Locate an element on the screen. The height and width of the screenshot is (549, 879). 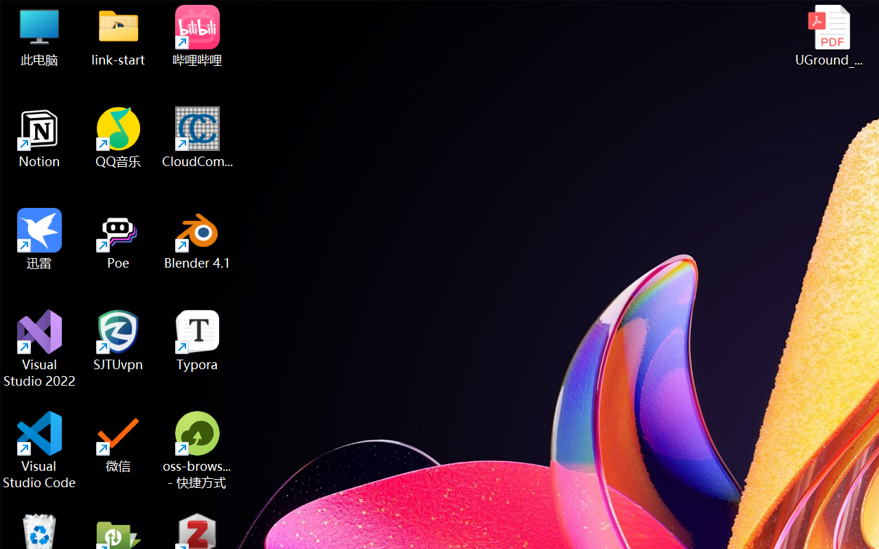
'UGround_paper.pdf' is located at coordinates (828, 35).